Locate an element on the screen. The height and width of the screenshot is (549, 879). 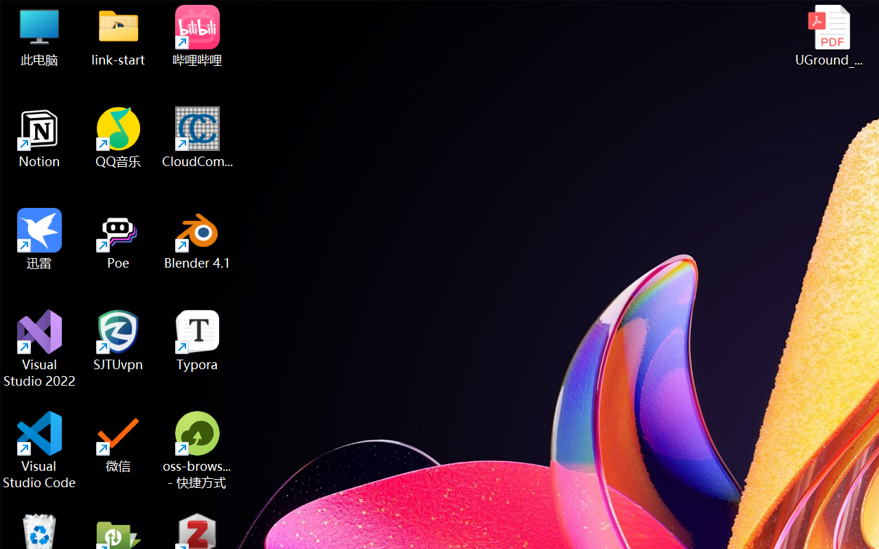
'UGround_paper.pdf' is located at coordinates (828, 35).